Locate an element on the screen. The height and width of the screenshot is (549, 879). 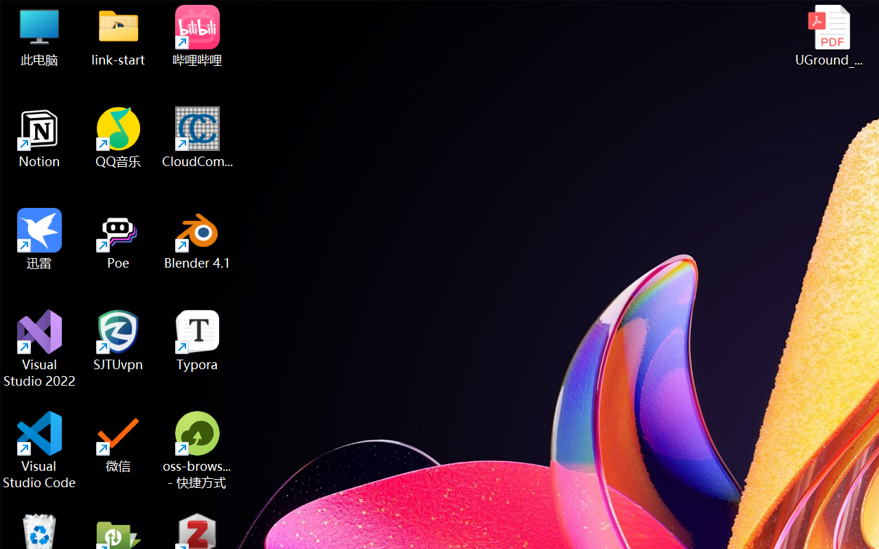
'UGround_paper.pdf' is located at coordinates (828, 35).